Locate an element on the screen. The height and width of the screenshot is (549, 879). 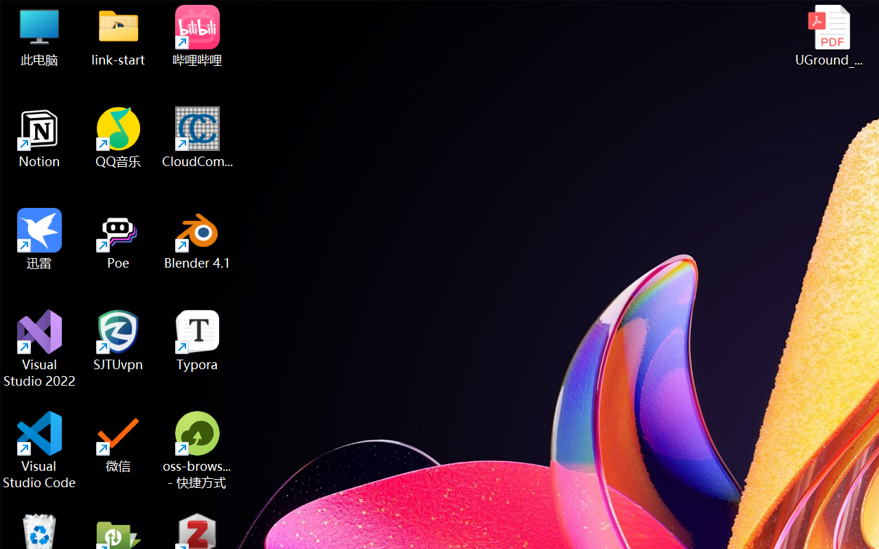
'UGround_paper.pdf' is located at coordinates (828, 35).